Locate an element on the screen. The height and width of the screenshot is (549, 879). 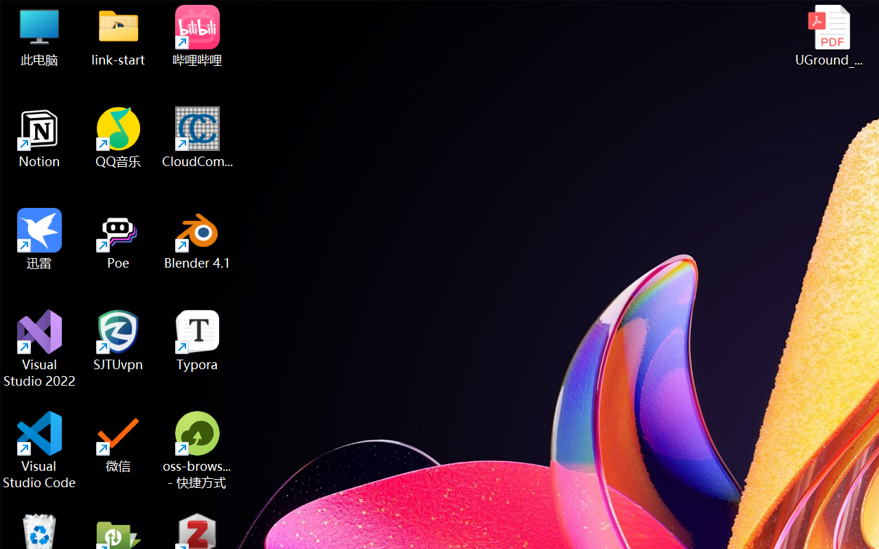
'UGround_paper.pdf' is located at coordinates (828, 35).